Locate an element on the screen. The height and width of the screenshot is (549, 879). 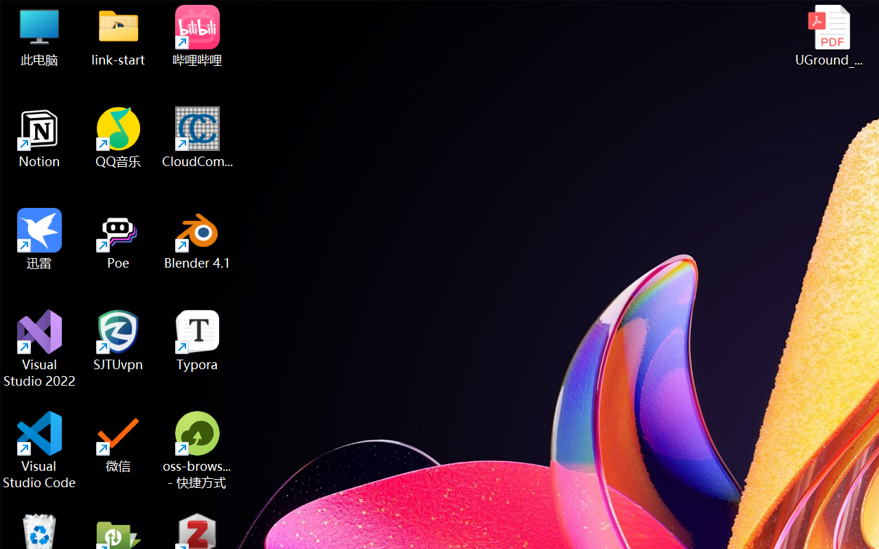
'UGround_paper.pdf' is located at coordinates (828, 35).